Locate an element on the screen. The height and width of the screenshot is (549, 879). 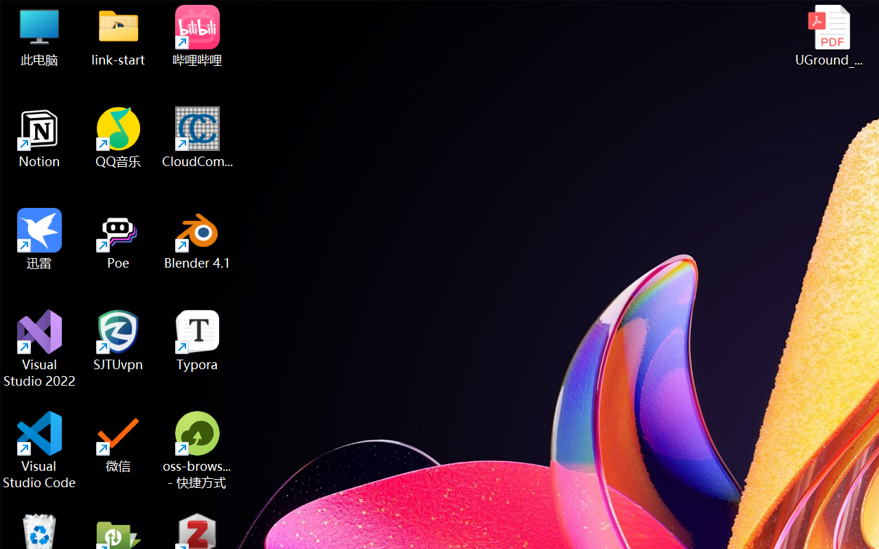
'UGround_paper.pdf' is located at coordinates (828, 35).